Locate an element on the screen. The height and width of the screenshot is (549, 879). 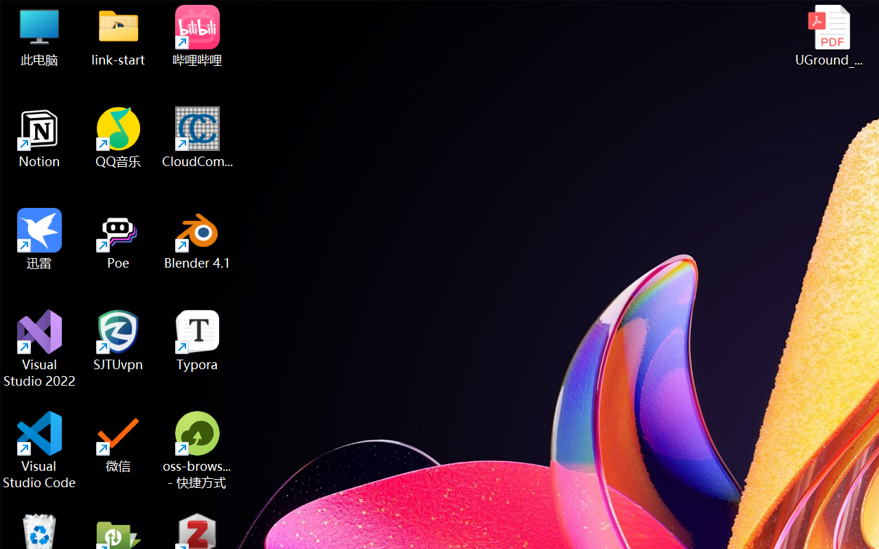
'UGround_paper.pdf' is located at coordinates (828, 35).